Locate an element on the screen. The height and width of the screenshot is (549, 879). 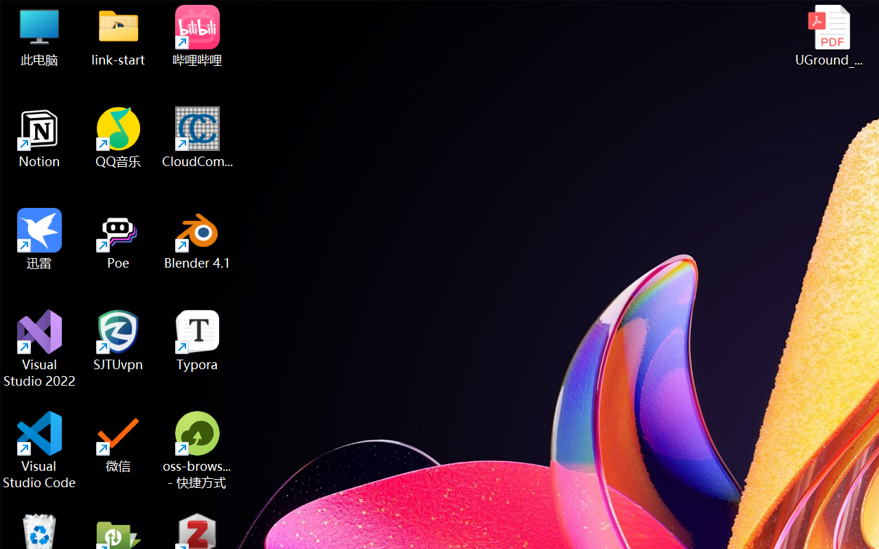
'UGround_paper.pdf' is located at coordinates (828, 35).